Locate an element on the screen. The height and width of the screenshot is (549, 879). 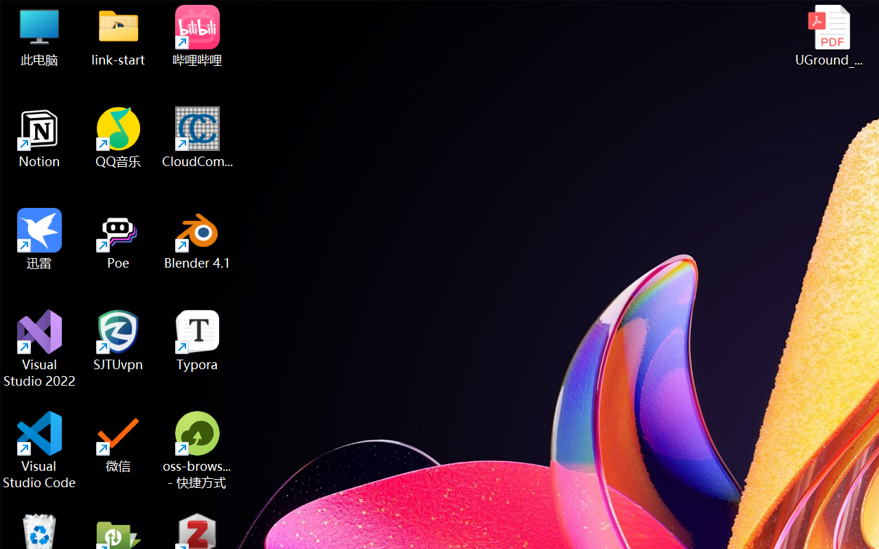
'UGround_paper.pdf' is located at coordinates (828, 35).